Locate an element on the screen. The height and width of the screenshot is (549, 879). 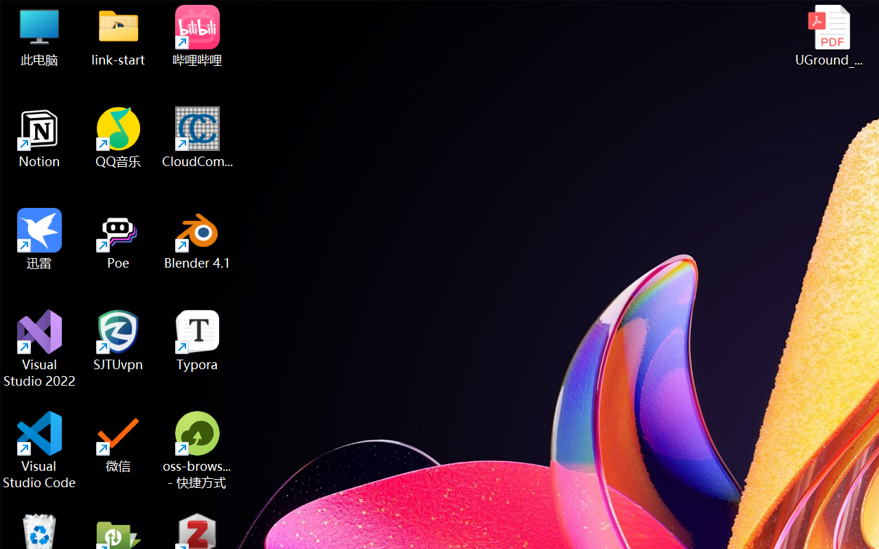
'UGround_paper.pdf' is located at coordinates (828, 35).